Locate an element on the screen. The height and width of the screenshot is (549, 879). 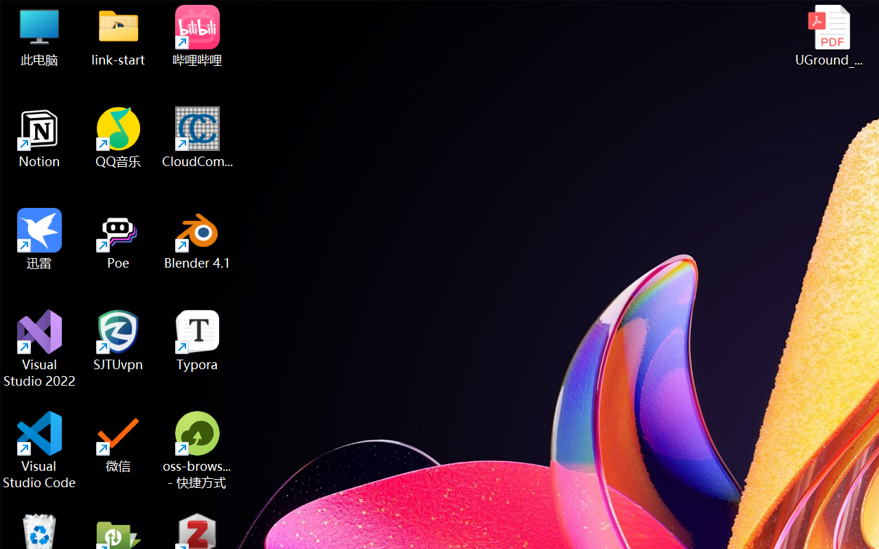
'UGround_paper.pdf' is located at coordinates (828, 35).